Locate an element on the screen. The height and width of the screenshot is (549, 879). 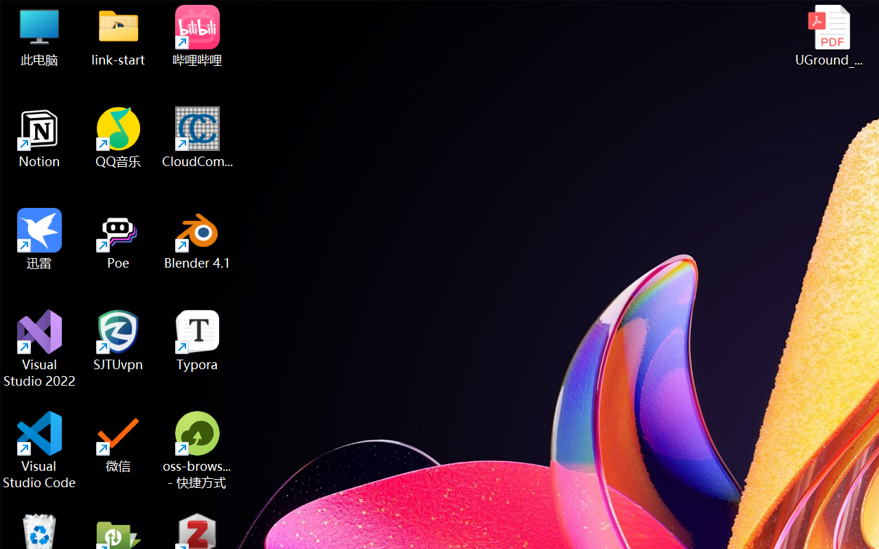
'UGround_paper.pdf' is located at coordinates (828, 35).